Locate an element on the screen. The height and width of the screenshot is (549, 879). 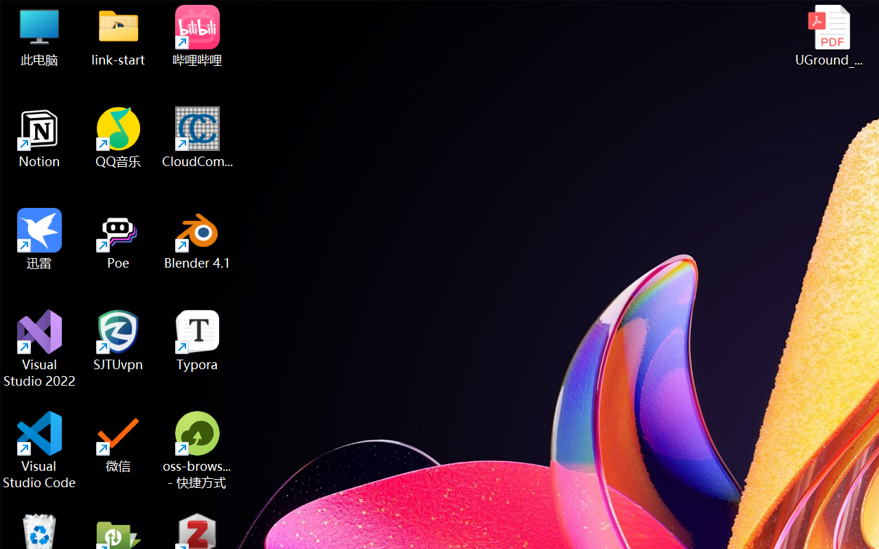
'UGround_paper.pdf' is located at coordinates (828, 35).